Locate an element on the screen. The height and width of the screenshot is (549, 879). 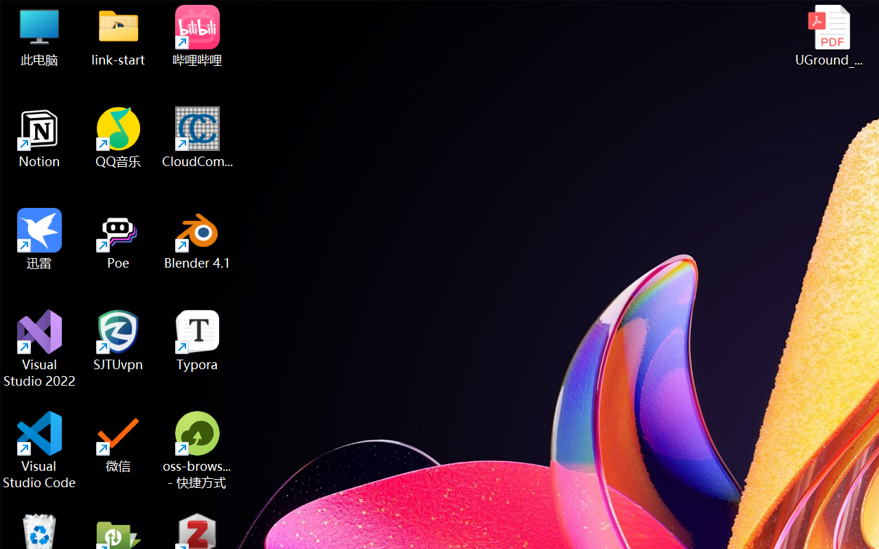
'UGround_paper.pdf' is located at coordinates (828, 35).